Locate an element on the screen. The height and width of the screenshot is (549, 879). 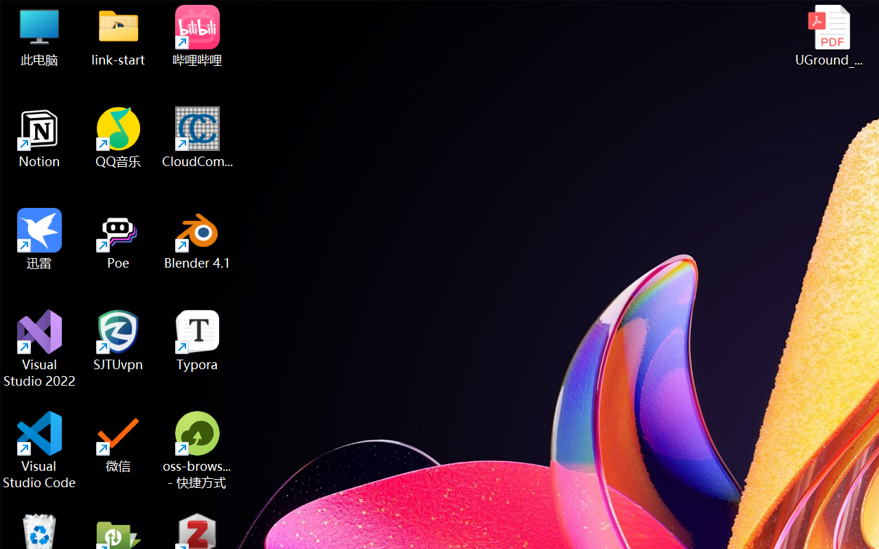
'UGround_paper.pdf' is located at coordinates (828, 35).